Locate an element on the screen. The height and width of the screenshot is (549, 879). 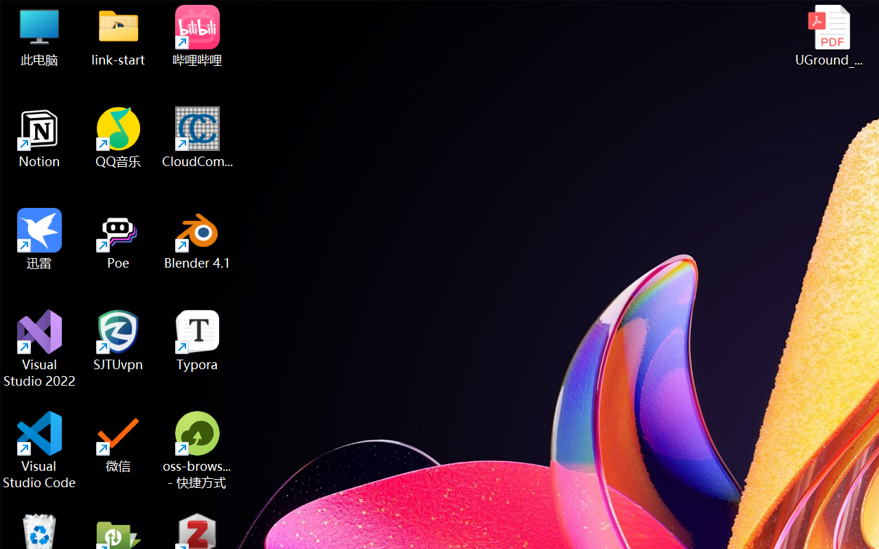
'UGround_paper.pdf' is located at coordinates (828, 35).